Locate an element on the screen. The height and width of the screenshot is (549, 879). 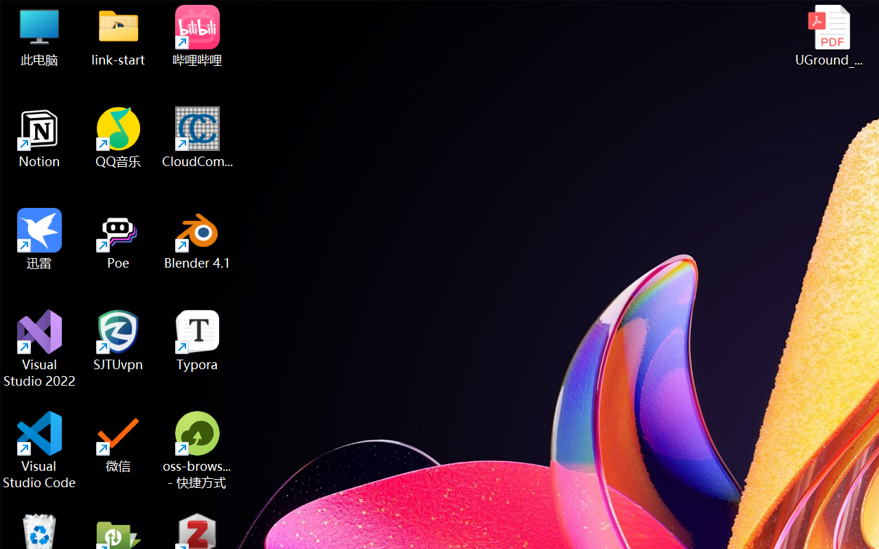
'UGround_paper.pdf' is located at coordinates (828, 35).